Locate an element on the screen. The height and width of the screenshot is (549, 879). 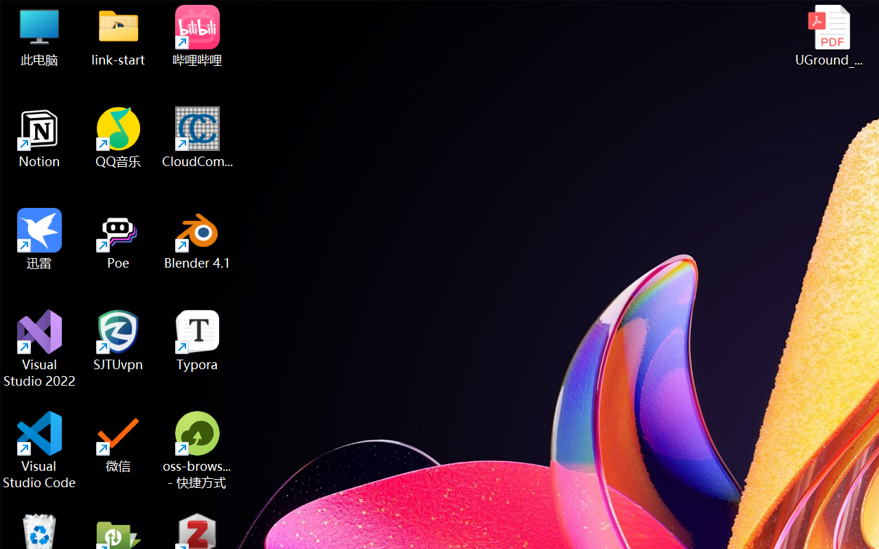
'UGround_paper.pdf' is located at coordinates (828, 35).